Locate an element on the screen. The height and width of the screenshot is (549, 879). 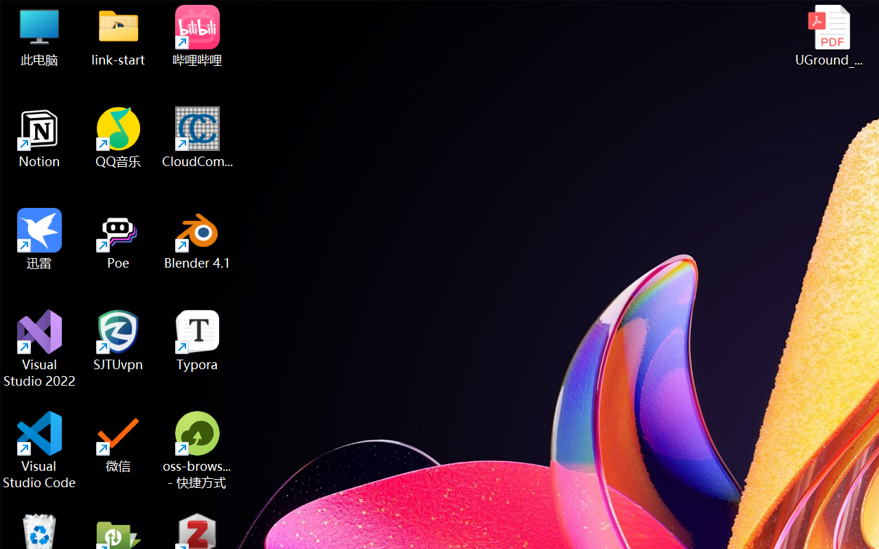
'UGround_paper.pdf' is located at coordinates (828, 35).